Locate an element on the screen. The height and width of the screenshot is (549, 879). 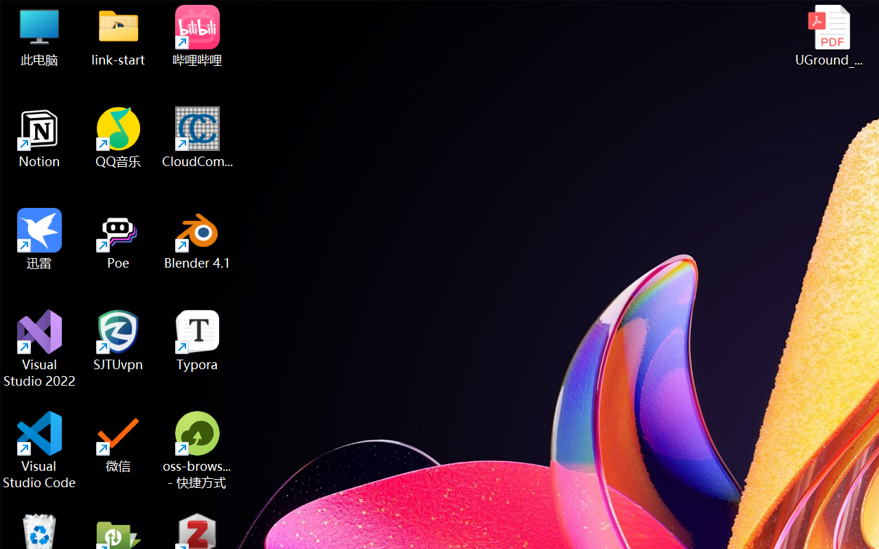
'UGround_paper.pdf' is located at coordinates (828, 35).